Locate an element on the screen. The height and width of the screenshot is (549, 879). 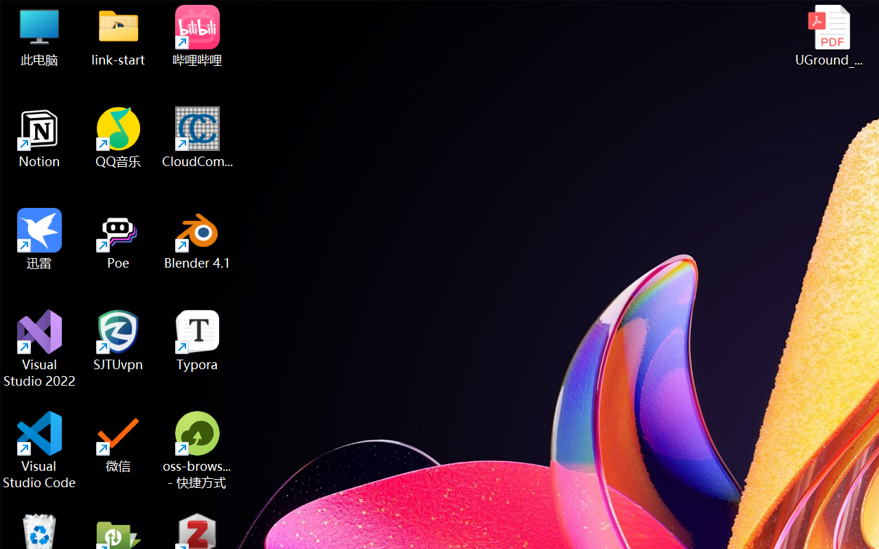
'UGround_paper.pdf' is located at coordinates (828, 35).